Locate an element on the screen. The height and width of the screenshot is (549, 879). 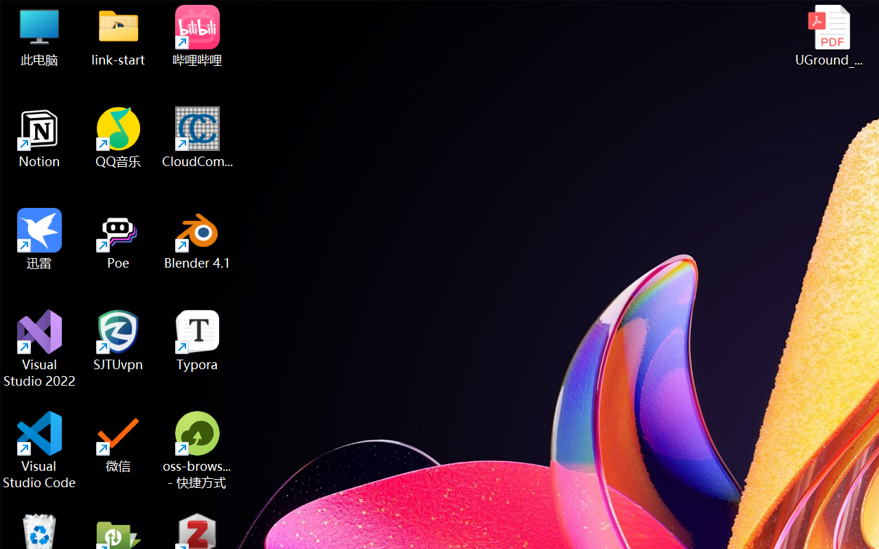
'UGround_paper.pdf' is located at coordinates (828, 35).